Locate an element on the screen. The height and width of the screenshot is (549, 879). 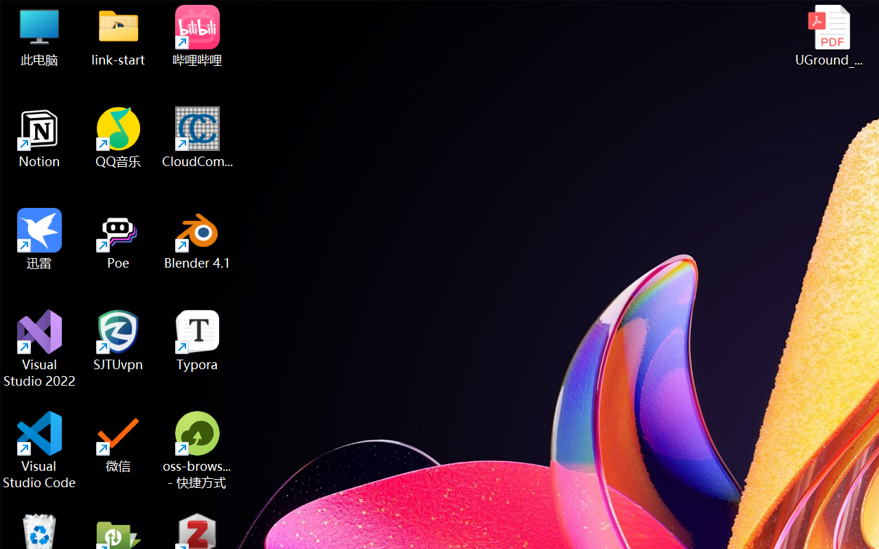
'UGround_paper.pdf' is located at coordinates (828, 35).